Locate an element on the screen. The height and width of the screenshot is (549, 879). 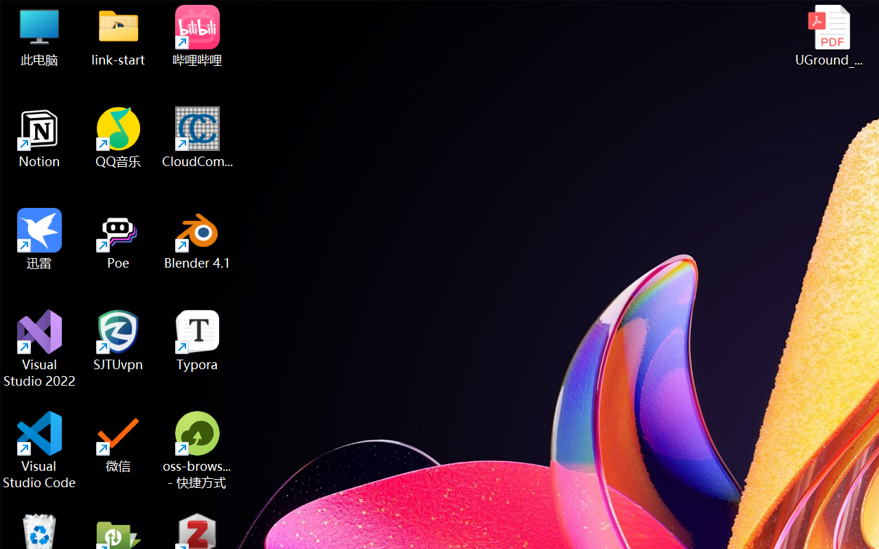
'UGround_paper.pdf' is located at coordinates (828, 35).